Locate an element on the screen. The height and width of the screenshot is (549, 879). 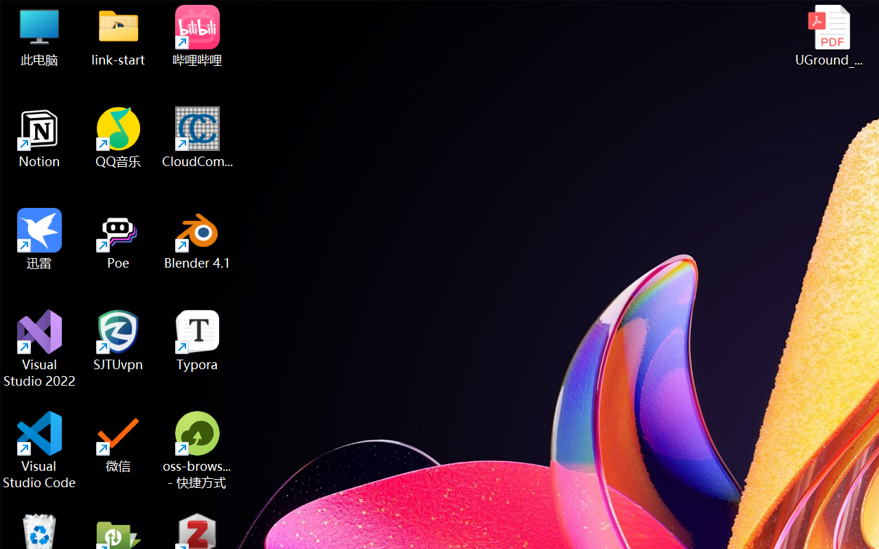
'UGround_paper.pdf' is located at coordinates (828, 35).